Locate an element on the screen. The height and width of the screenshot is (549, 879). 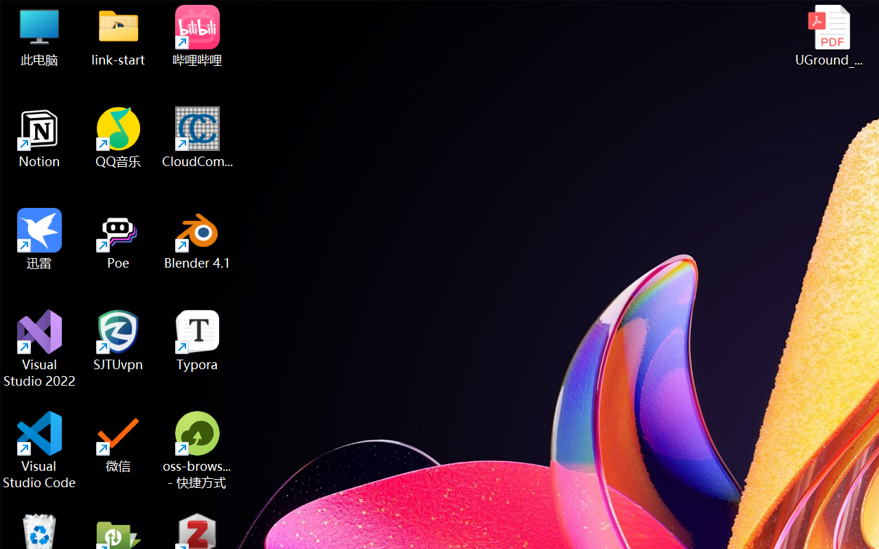
'UGround_paper.pdf' is located at coordinates (828, 35).